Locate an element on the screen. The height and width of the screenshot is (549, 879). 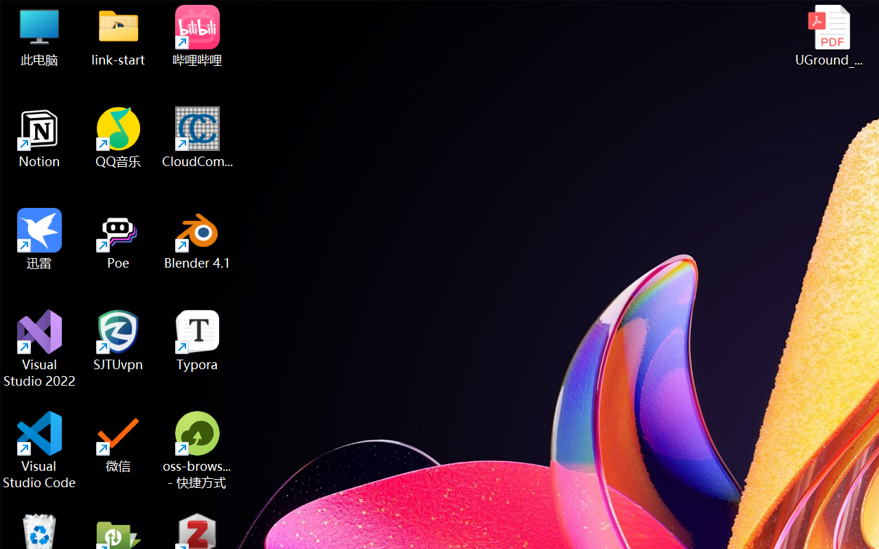
'UGround_paper.pdf' is located at coordinates (828, 35).